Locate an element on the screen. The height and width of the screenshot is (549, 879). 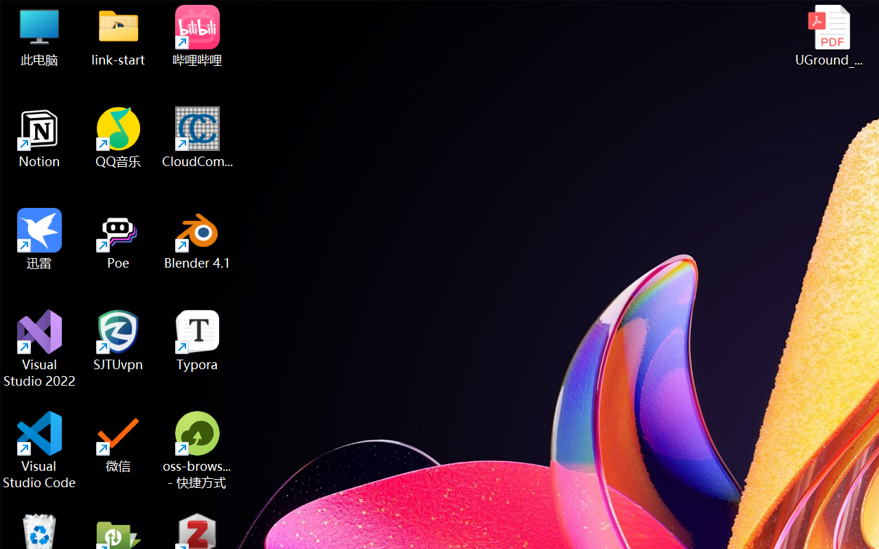
'UGround_paper.pdf' is located at coordinates (828, 35).